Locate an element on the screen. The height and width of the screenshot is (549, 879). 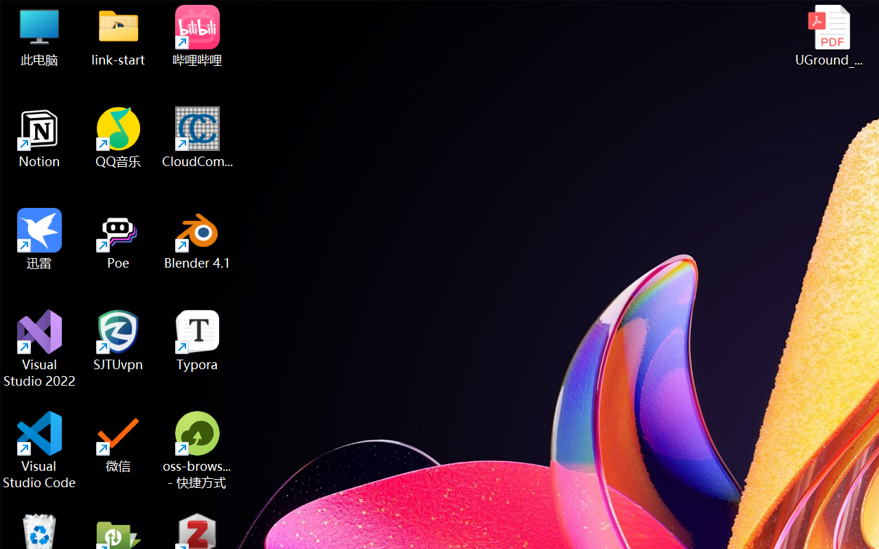
'UGround_paper.pdf' is located at coordinates (828, 35).